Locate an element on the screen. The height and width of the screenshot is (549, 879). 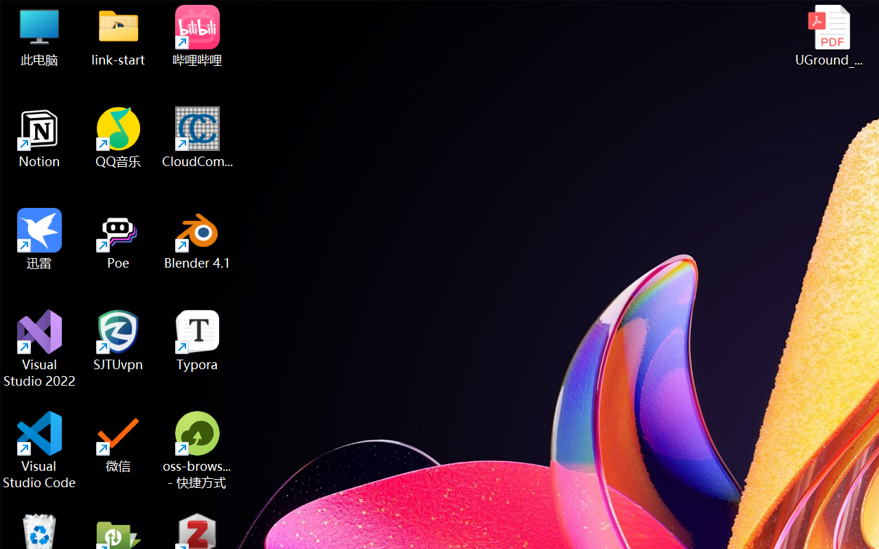
'UGround_paper.pdf' is located at coordinates (828, 35).